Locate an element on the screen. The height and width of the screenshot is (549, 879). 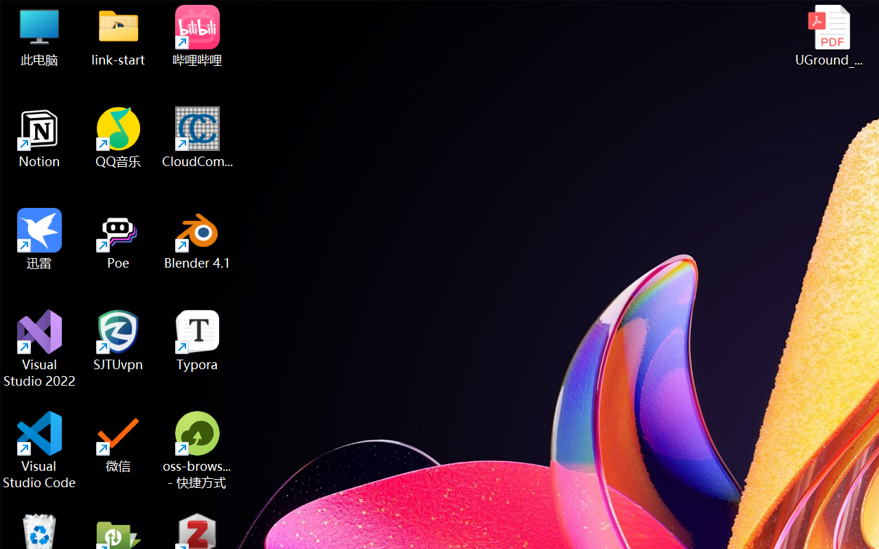
'UGround_paper.pdf' is located at coordinates (828, 35).